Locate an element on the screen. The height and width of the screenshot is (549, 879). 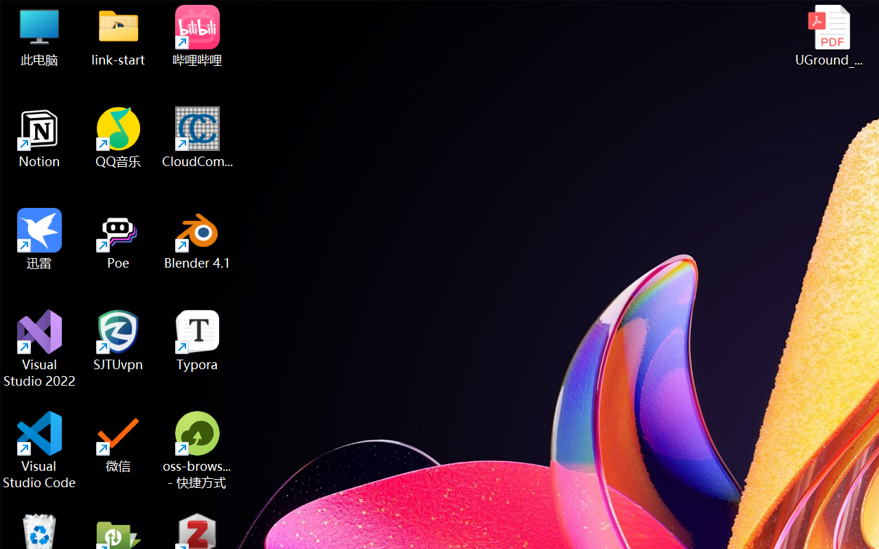
'UGround_paper.pdf' is located at coordinates (828, 35).